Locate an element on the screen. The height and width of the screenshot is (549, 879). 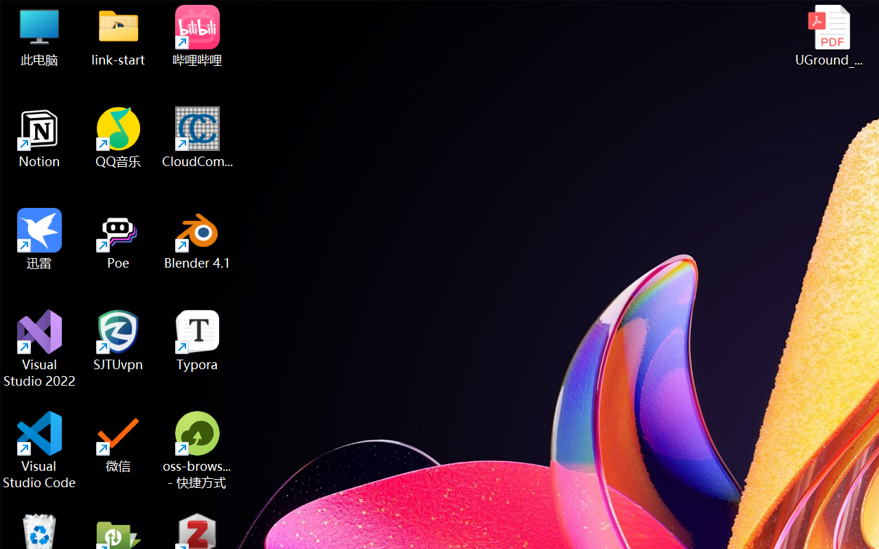
'UGround_paper.pdf' is located at coordinates (828, 35).